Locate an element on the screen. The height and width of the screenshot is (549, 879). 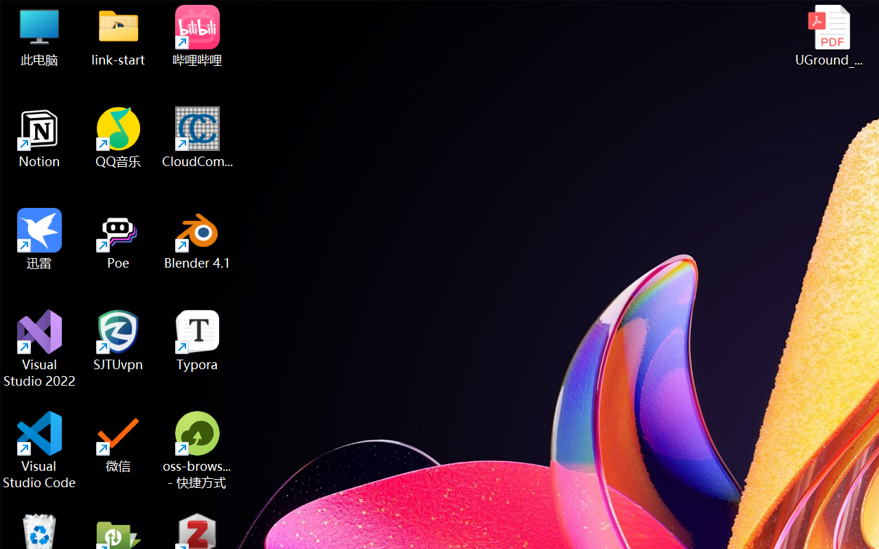
'UGround_paper.pdf' is located at coordinates (828, 35).